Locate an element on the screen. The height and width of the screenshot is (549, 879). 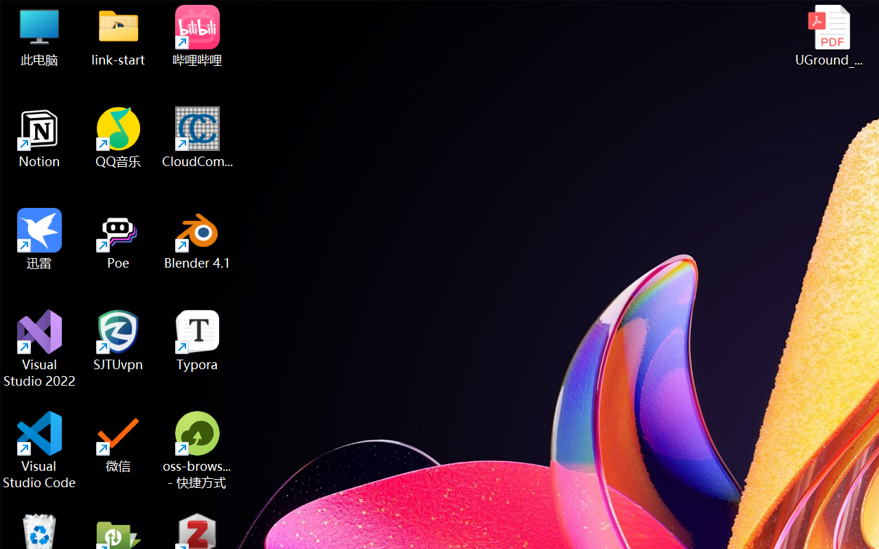
'UGround_paper.pdf' is located at coordinates (828, 35).